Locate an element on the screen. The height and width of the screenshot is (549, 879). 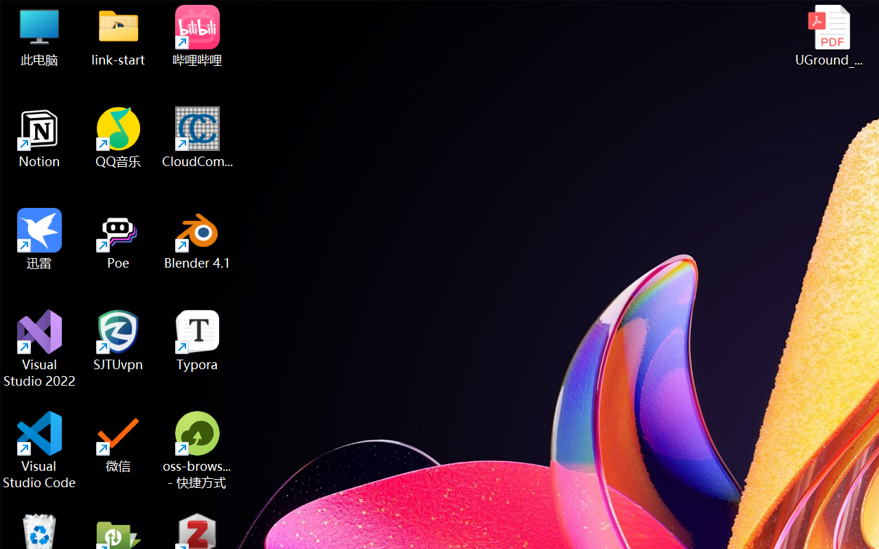
'UGround_paper.pdf' is located at coordinates (828, 35).